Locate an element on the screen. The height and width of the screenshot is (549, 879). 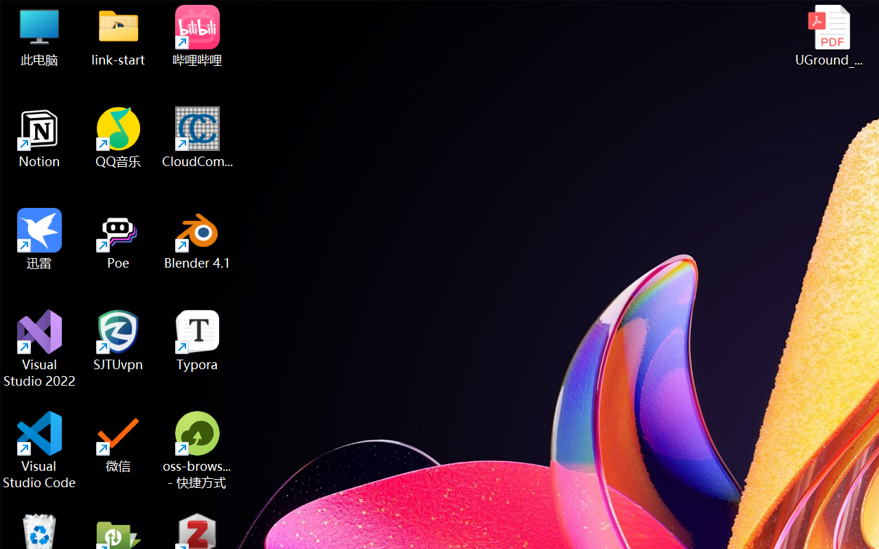
'UGround_paper.pdf' is located at coordinates (828, 35).